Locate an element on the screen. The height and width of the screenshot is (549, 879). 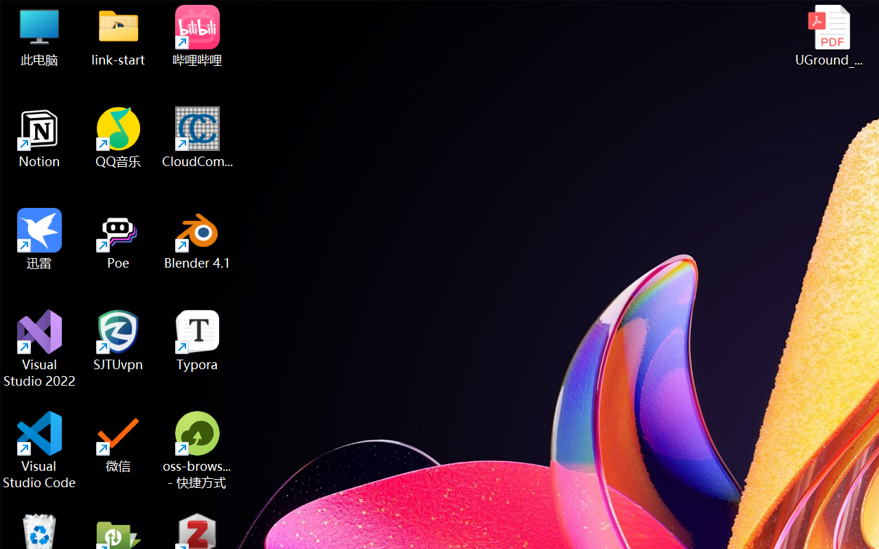
'UGround_paper.pdf' is located at coordinates (828, 35).